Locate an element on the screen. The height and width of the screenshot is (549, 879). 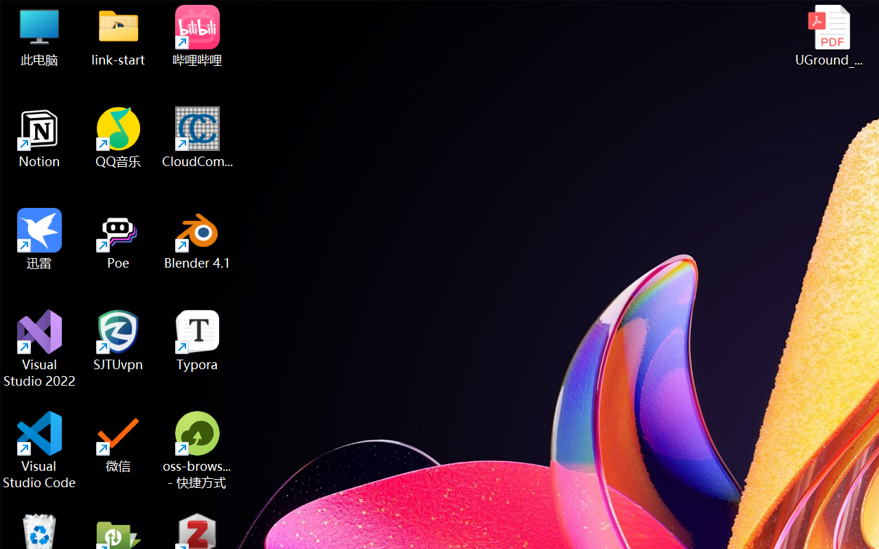
'UGround_paper.pdf' is located at coordinates (828, 35).